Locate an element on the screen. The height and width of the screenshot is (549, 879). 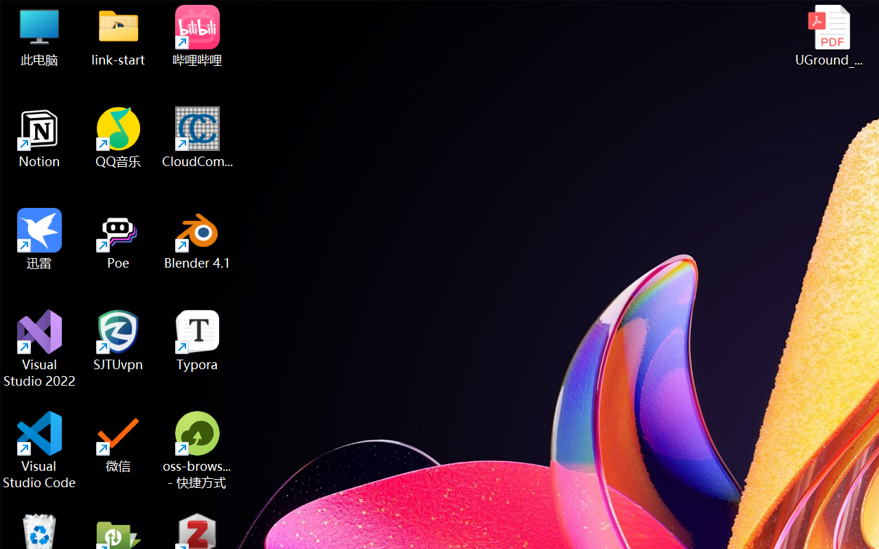
'UGround_paper.pdf' is located at coordinates (828, 35).